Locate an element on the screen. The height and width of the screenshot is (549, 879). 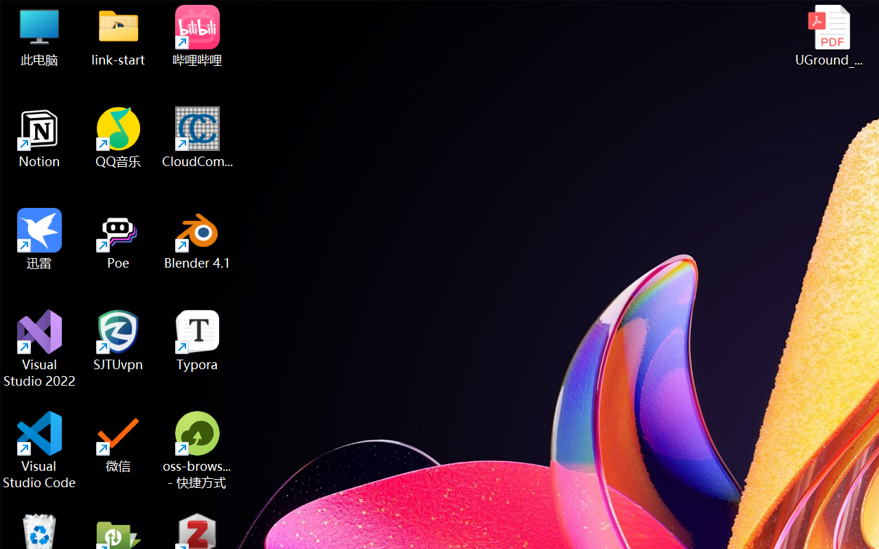
'UGround_paper.pdf' is located at coordinates (828, 35).